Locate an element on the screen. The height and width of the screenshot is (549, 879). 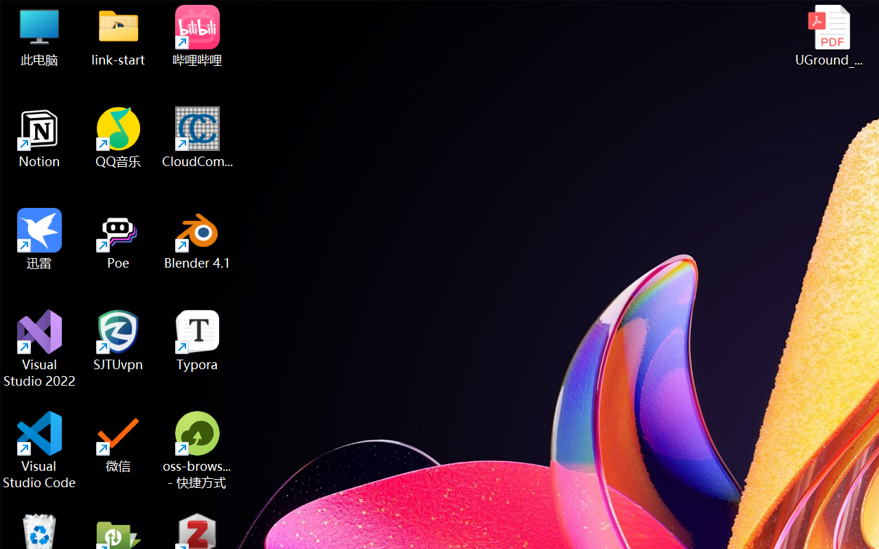
'UGround_paper.pdf' is located at coordinates (828, 35).